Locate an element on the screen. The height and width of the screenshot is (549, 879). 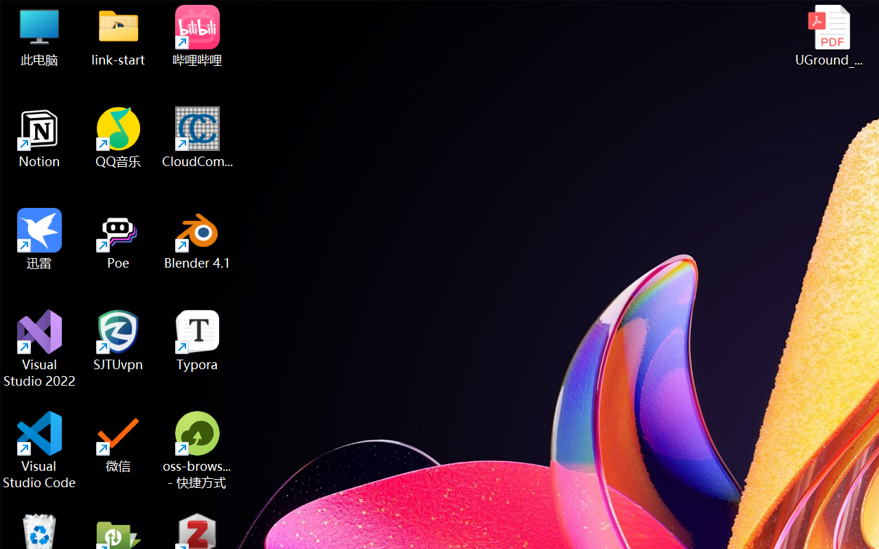
'UGround_paper.pdf' is located at coordinates (828, 35).